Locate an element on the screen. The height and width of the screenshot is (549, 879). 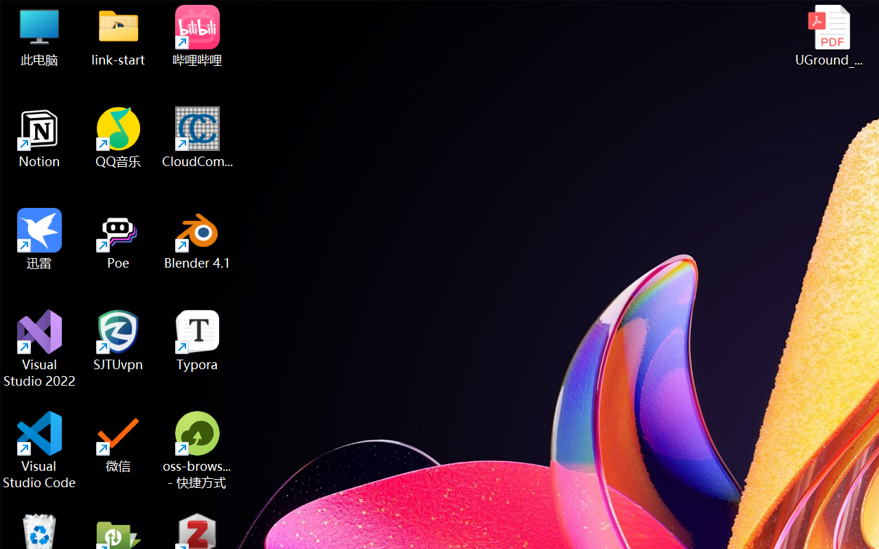
'UGround_paper.pdf' is located at coordinates (828, 35).